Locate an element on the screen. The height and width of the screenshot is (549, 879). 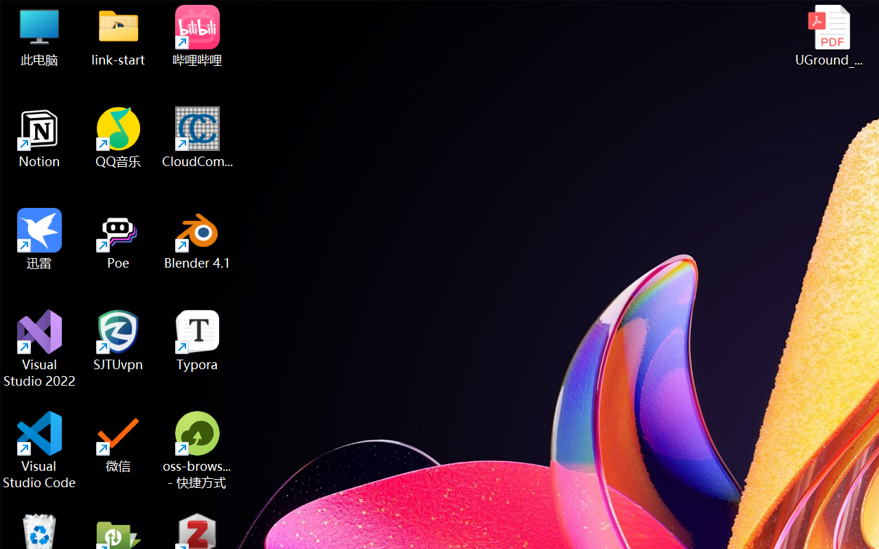
'UGround_paper.pdf' is located at coordinates (828, 35).